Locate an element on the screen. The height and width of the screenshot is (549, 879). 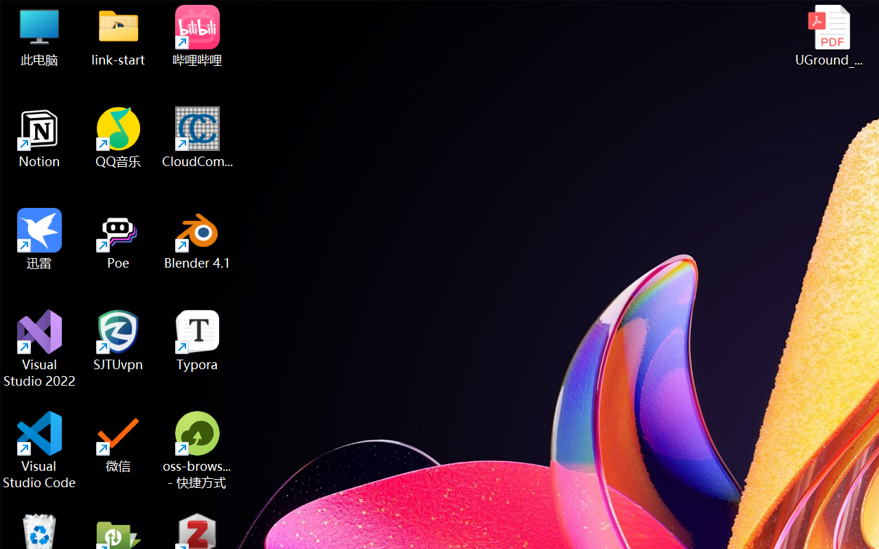
'UGround_paper.pdf' is located at coordinates (828, 35).